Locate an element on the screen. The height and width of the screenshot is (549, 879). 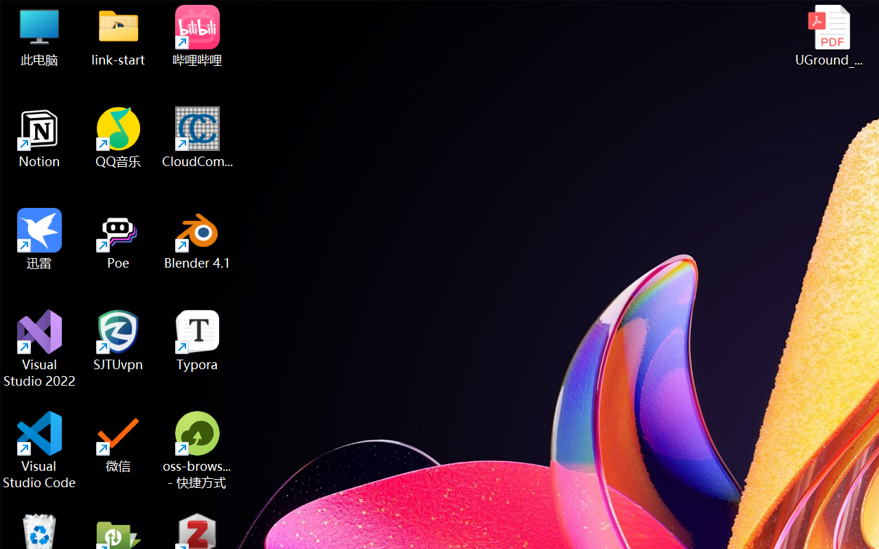
'UGround_paper.pdf' is located at coordinates (828, 35).